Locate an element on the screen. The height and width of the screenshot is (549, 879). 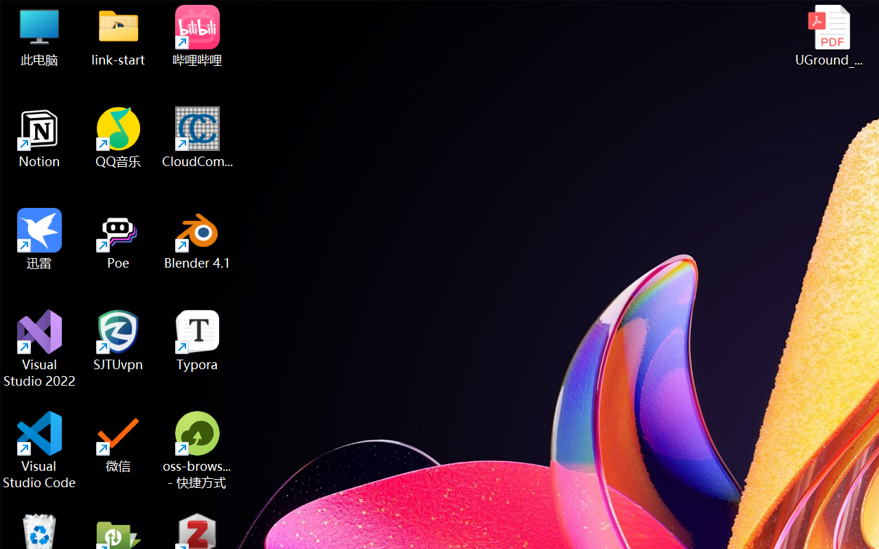
'UGround_paper.pdf' is located at coordinates (828, 35).